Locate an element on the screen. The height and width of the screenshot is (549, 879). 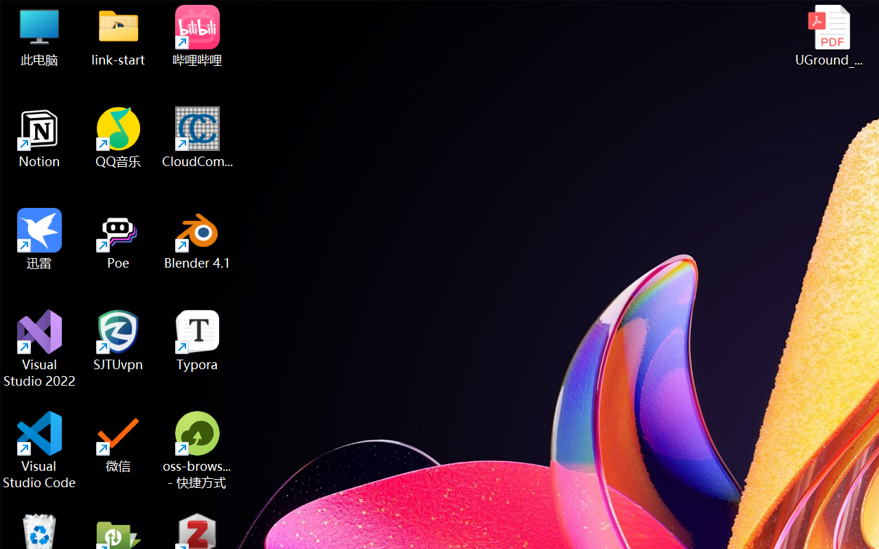
'UGround_paper.pdf' is located at coordinates (828, 35).